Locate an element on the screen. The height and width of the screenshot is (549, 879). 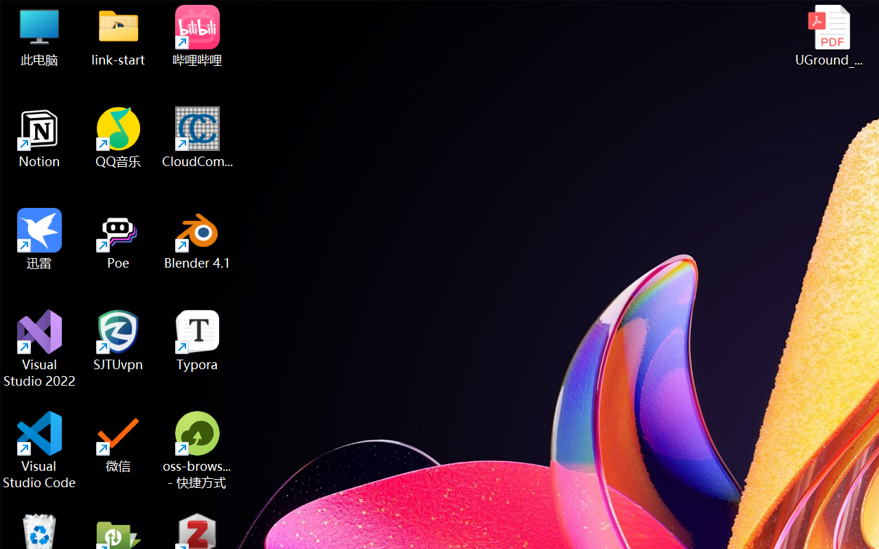
'UGround_paper.pdf' is located at coordinates (828, 35).